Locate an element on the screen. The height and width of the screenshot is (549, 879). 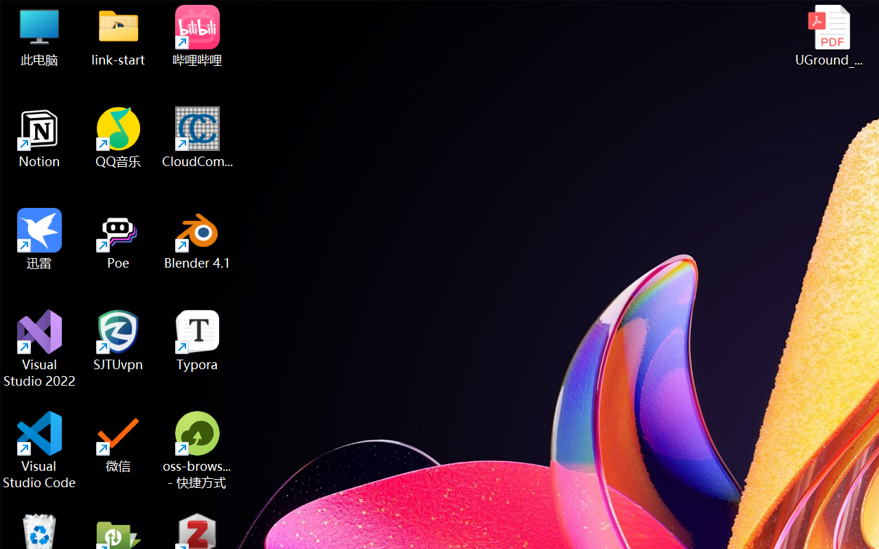
'UGround_paper.pdf' is located at coordinates (828, 35).